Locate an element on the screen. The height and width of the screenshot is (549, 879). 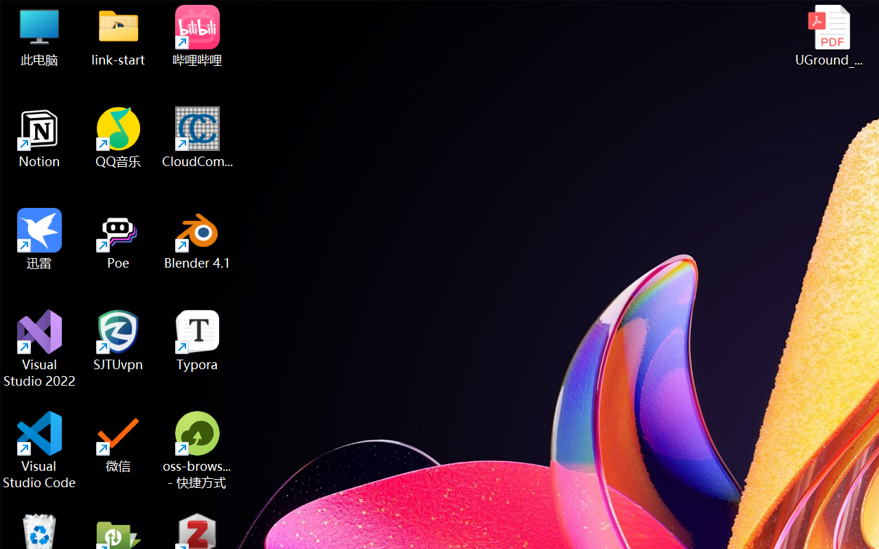
'UGround_paper.pdf' is located at coordinates (828, 35).